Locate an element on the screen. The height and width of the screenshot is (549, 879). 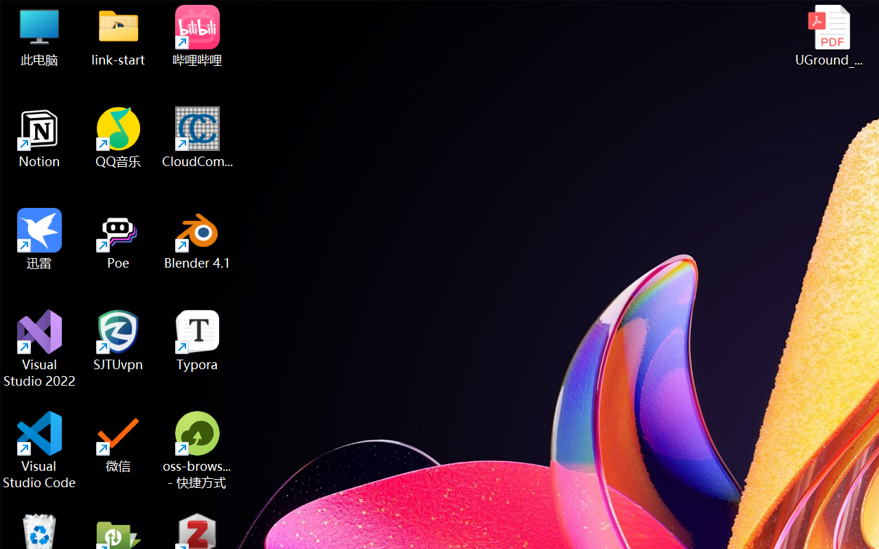
'UGround_paper.pdf' is located at coordinates (828, 35).